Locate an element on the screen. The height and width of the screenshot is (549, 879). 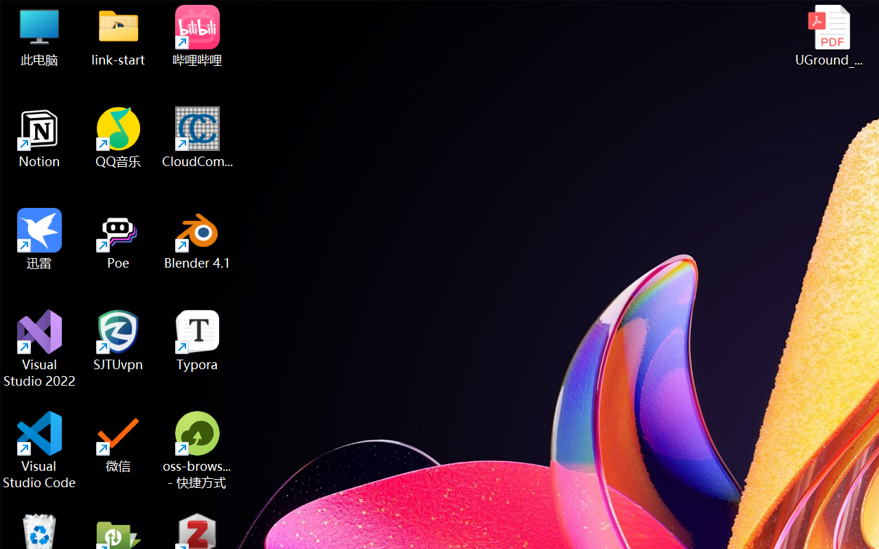
'UGround_paper.pdf' is located at coordinates (828, 35).